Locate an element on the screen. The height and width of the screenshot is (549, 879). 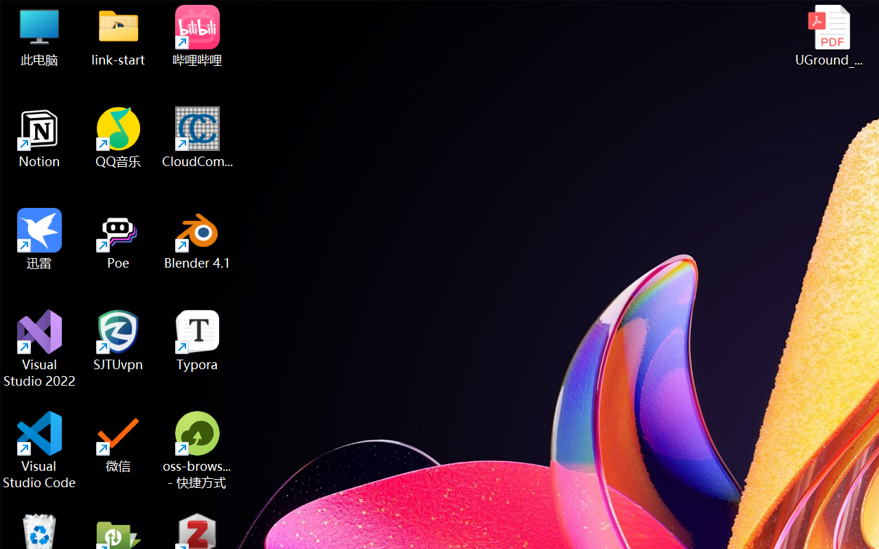
'UGround_paper.pdf' is located at coordinates (828, 35).